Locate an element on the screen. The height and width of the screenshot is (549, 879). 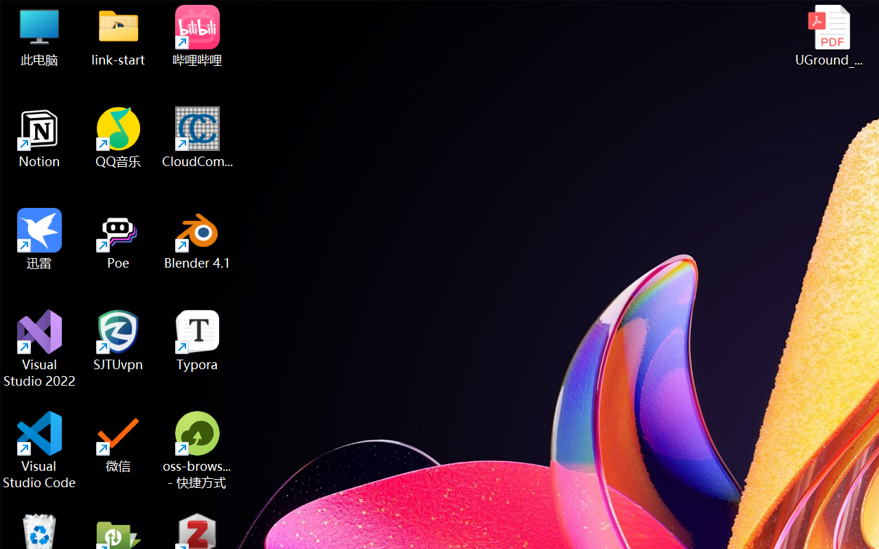
'UGround_paper.pdf' is located at coordinates (828, 35).